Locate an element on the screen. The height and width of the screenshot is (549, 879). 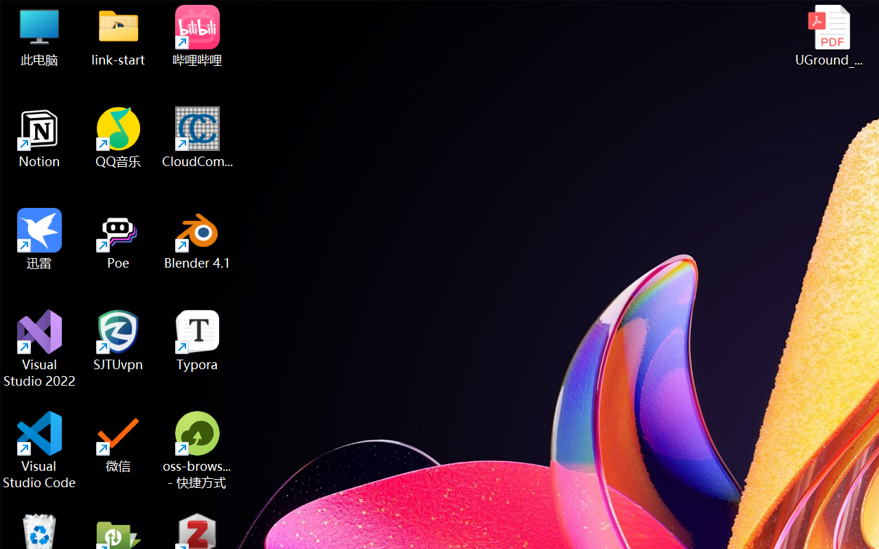
'UGround_paper.pdf' is located at coordinates (828, 35).